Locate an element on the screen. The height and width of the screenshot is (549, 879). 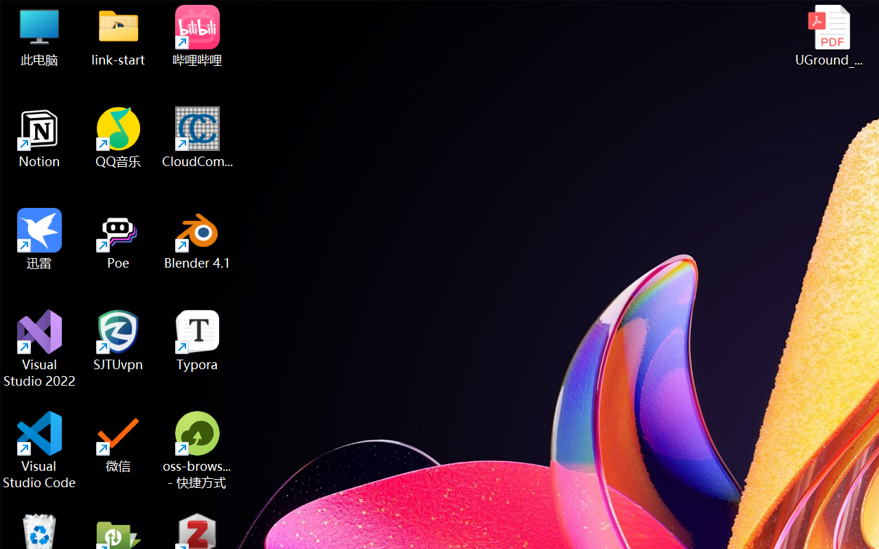
'UGround_paper.pdf' is located at coordinates (828, 35).